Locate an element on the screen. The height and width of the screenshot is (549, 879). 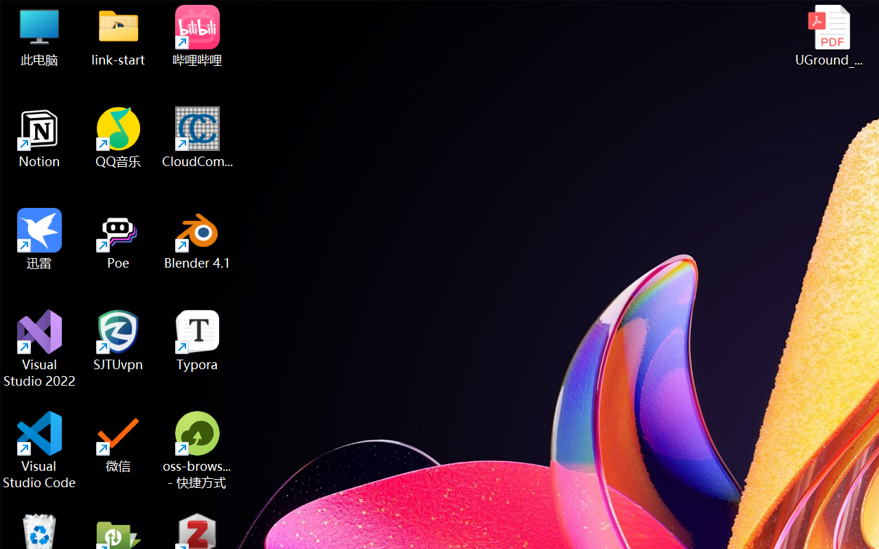
'UGround_paper.pdf' is located at coordinates (828, 35).